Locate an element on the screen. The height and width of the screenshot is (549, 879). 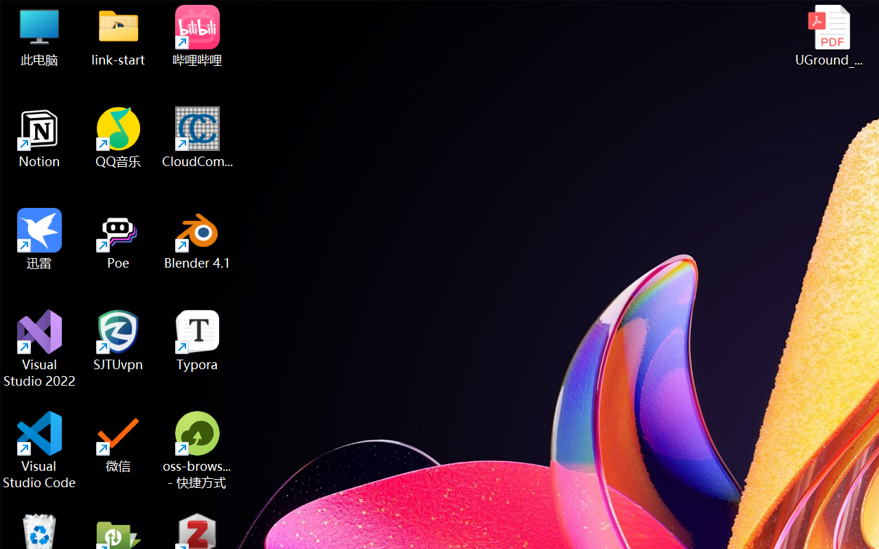
'UGround_paper.pdf' is located at coordinates (828, 35).